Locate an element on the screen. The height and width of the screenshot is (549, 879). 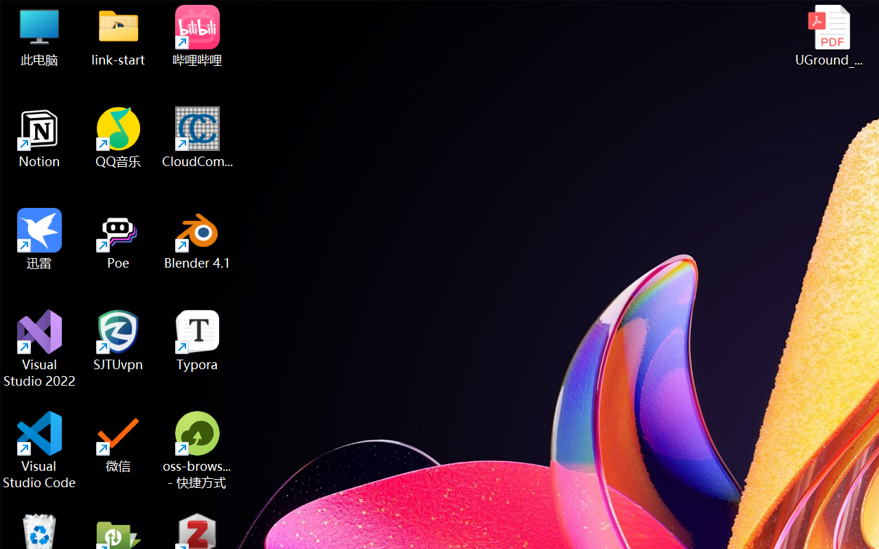
'UGround_paper.pdf' is located at coordinates (828, 35).